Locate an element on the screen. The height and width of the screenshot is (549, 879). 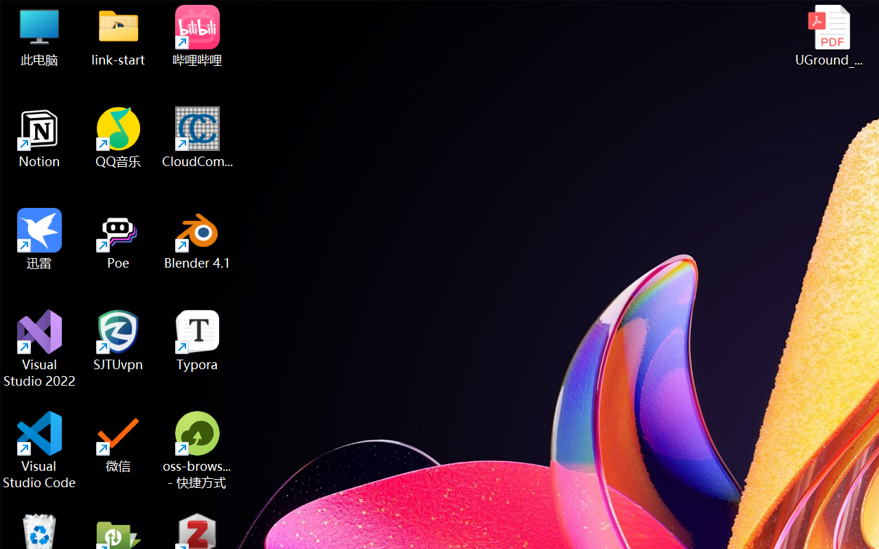
'UGround_paper.pdf' is located at coordinates (828, 35).